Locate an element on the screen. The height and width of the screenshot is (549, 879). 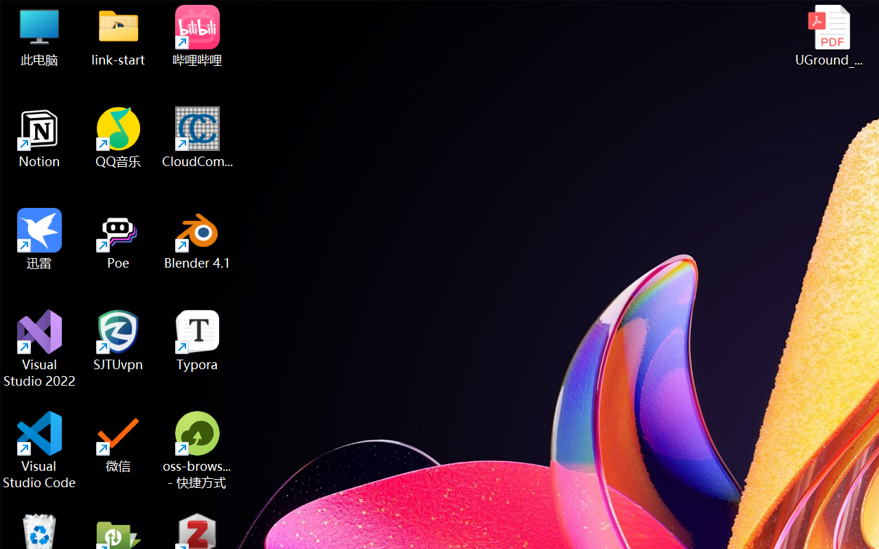
'UGround_paper.pdf' is located at coordinates (828, 35).